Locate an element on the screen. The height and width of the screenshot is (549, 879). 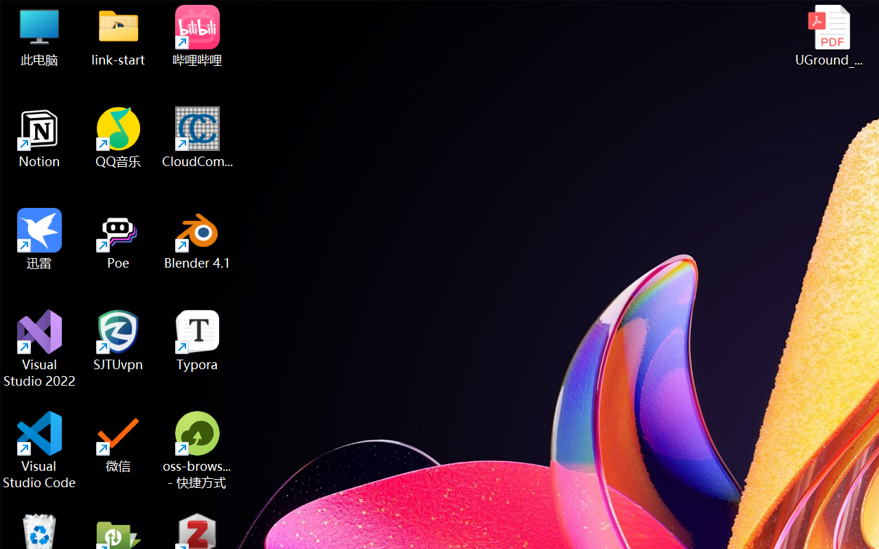
'UGround_paper.pdf' is located at coordinates (828, 35).